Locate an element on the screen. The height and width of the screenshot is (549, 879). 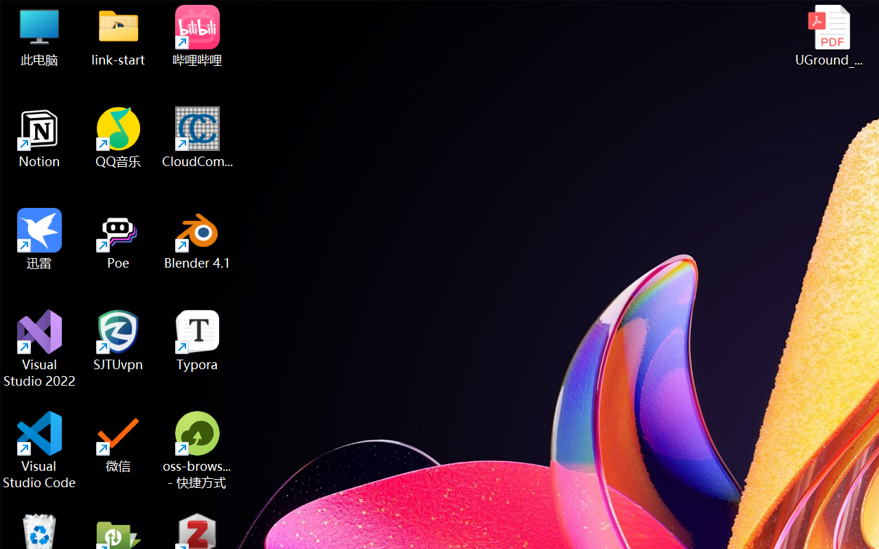
'UGround_paper.pdf' is located at coordinates (828, 35).